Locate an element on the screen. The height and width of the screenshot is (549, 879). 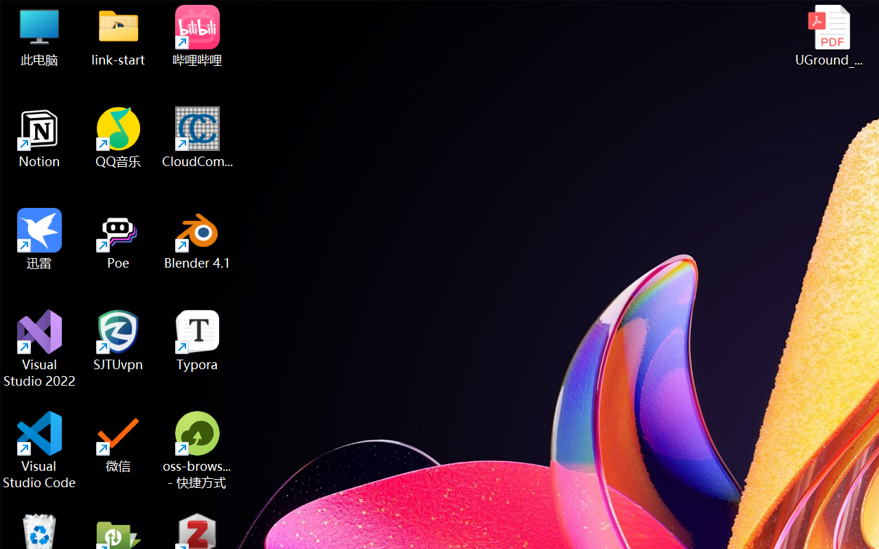
'UGround_paper.pdf' is located at coordinates (828, 35).